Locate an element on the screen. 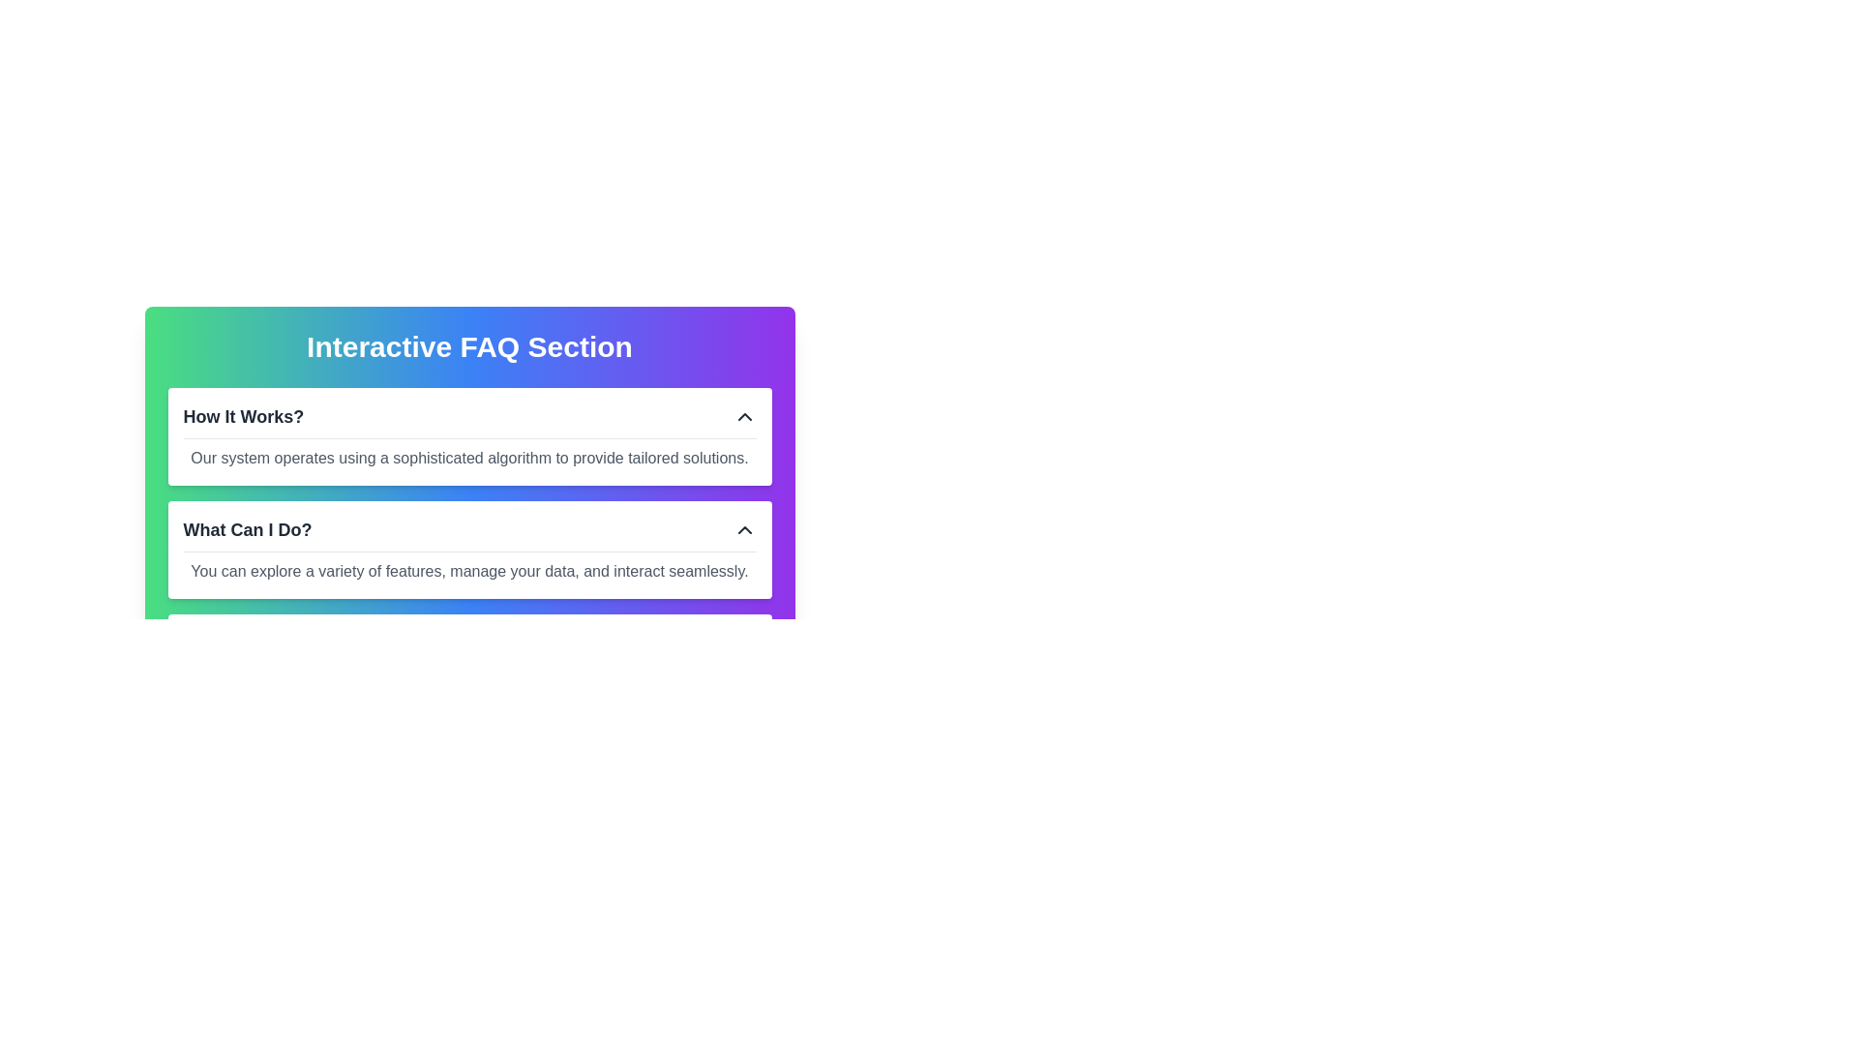  the Information block titled 'What Can I Do?', which is the second block in the vertical arrangement under the 'Interactive FAQ Section' is located at coordinates (469, 550).